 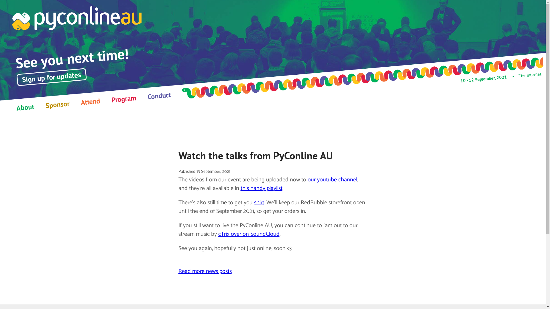 What do you see at coordinates (24, 106) in the screenshot?
I see `'About'` at bounding box center [24, 106].